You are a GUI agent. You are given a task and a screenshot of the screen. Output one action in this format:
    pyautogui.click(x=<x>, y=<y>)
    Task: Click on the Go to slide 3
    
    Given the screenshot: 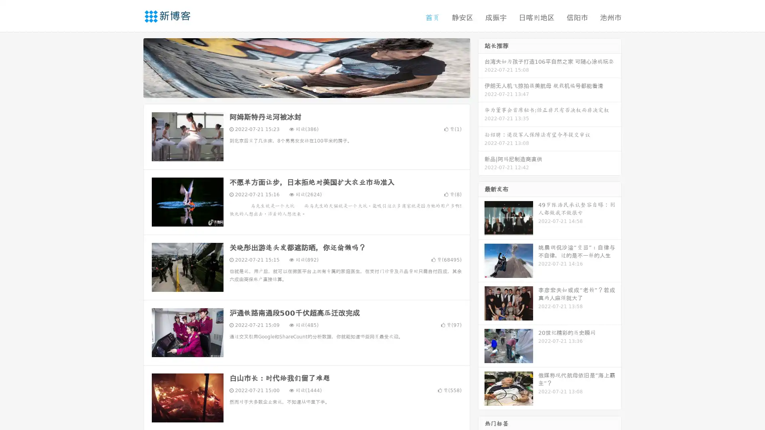 What is the action you would take?
    pyautogui.click(x=314, y=90)
    